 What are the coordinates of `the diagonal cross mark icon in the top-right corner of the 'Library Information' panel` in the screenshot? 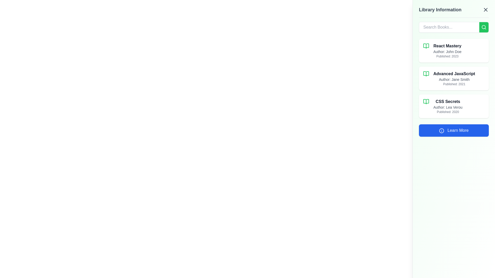 It's located at (485, 10).